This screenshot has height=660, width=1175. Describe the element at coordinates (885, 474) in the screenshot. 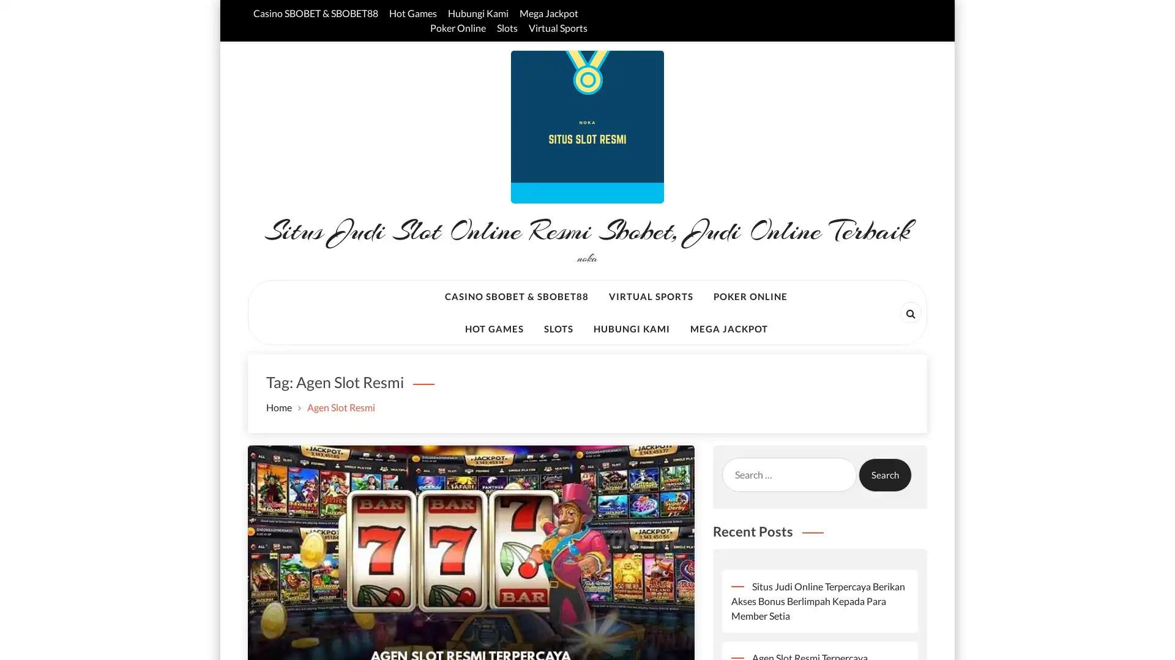

I see `Search` at that location.